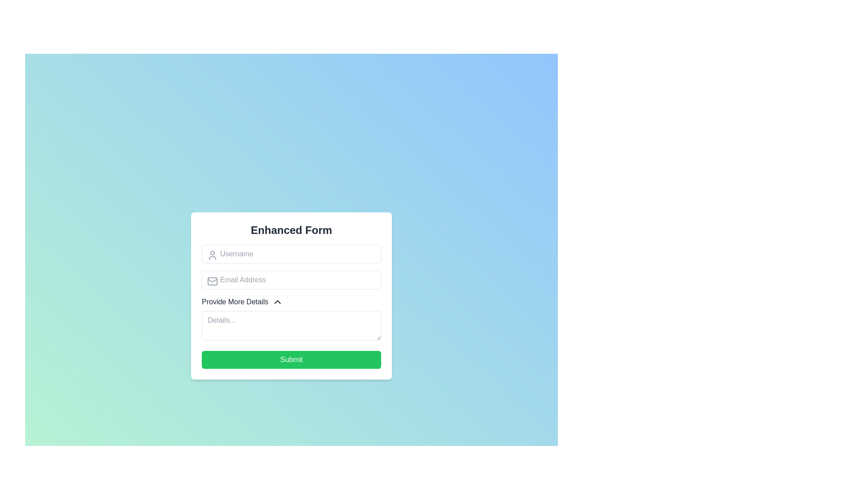 The height and width of the screenshot is (484, 861). What do you see at coordinates (291, 359) in the screenshot?
I see `the submit button located at the bottom of the 'Enhanced Form' panel` at bounding box center [291, 359].